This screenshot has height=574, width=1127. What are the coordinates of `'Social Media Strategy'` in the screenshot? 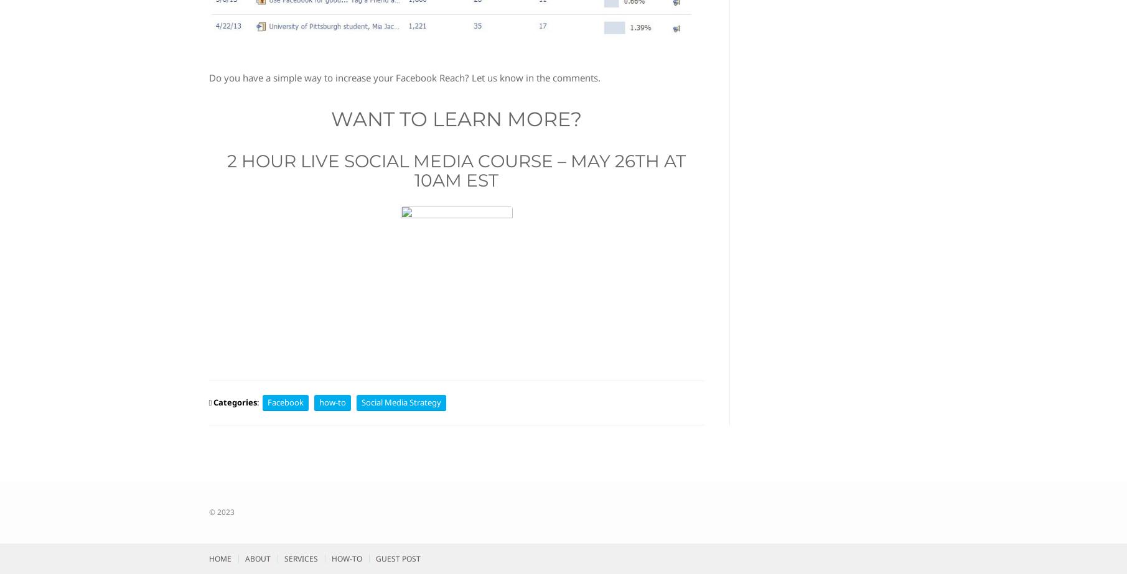 It's located at (360, 401).